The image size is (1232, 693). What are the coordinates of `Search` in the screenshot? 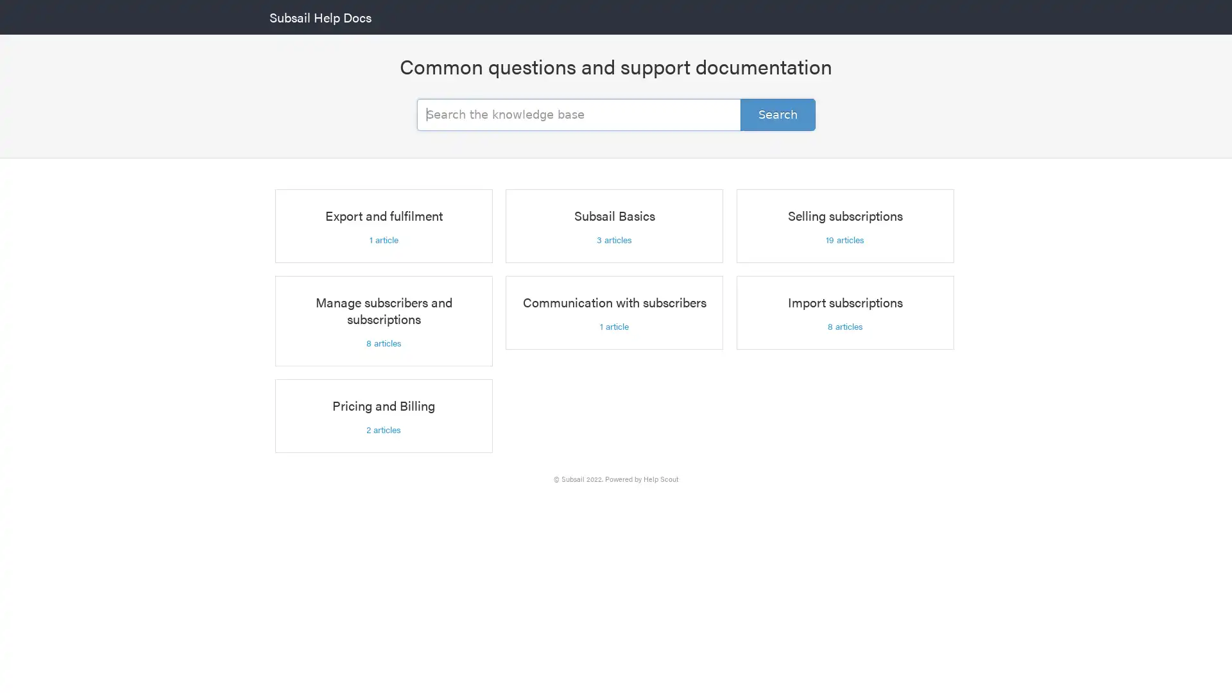 It's located at (777, 113).